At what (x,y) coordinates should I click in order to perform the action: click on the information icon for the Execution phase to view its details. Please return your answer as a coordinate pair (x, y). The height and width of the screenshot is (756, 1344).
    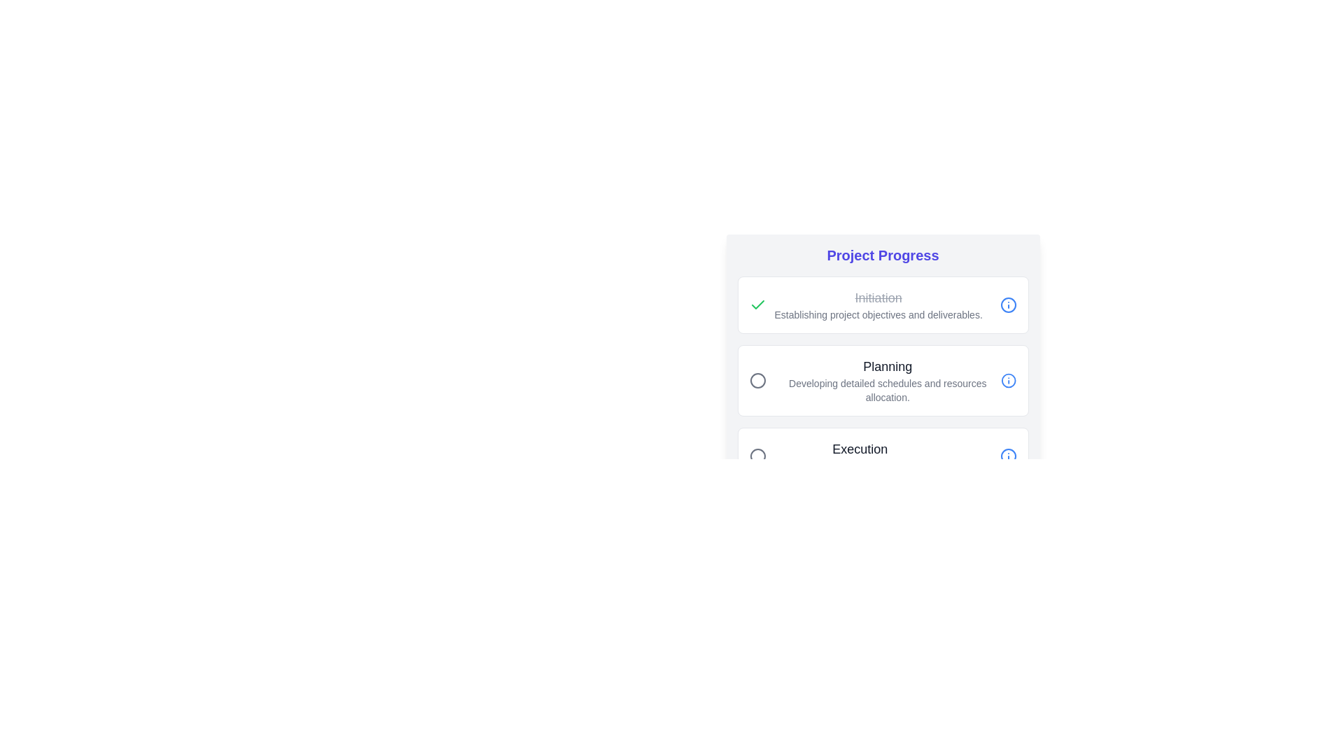
    Looking at the image, I should click on (1008, 456).